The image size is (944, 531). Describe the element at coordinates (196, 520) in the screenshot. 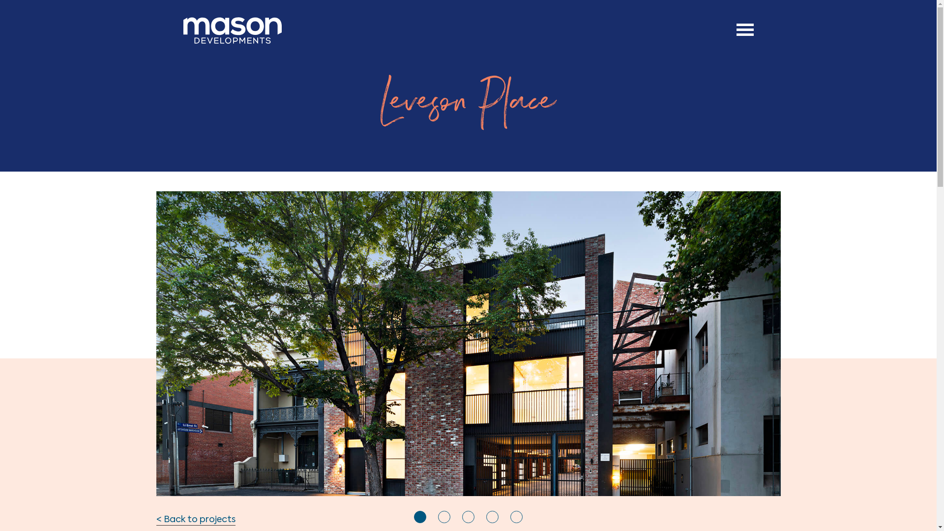

I see `'< Back to projects'` at that location.